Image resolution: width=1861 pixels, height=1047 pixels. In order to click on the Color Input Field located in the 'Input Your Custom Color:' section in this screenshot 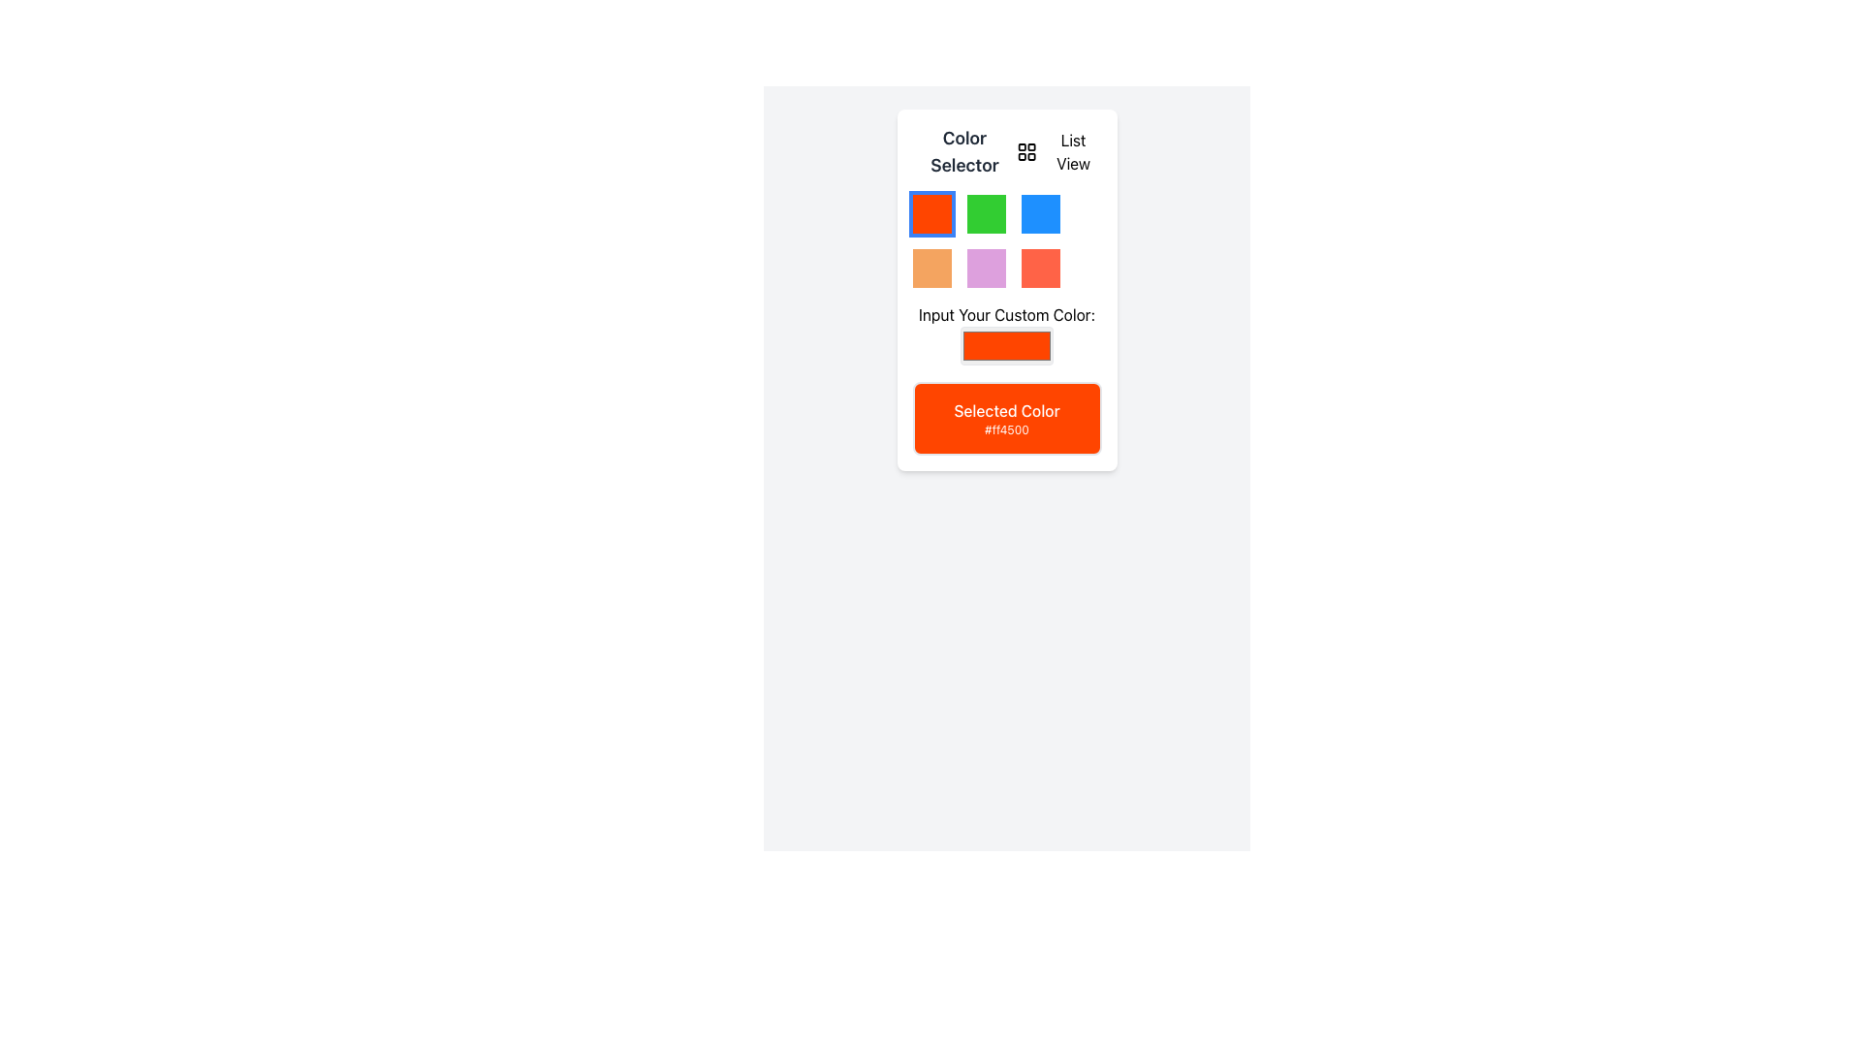, I will do `click(1006, 345)`.